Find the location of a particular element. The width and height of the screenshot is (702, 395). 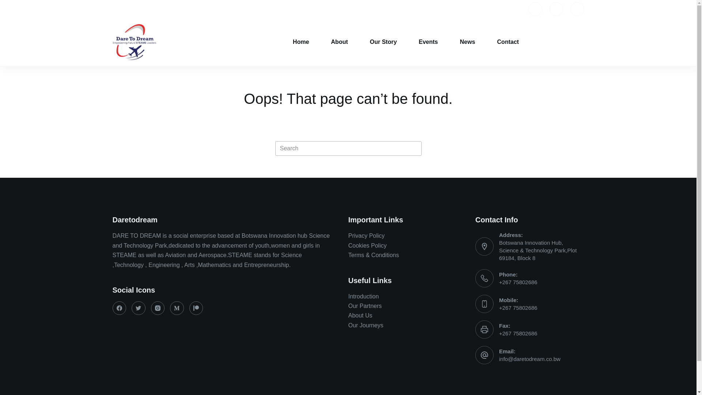

'Skip to content' is located at coordinates (0, 4).